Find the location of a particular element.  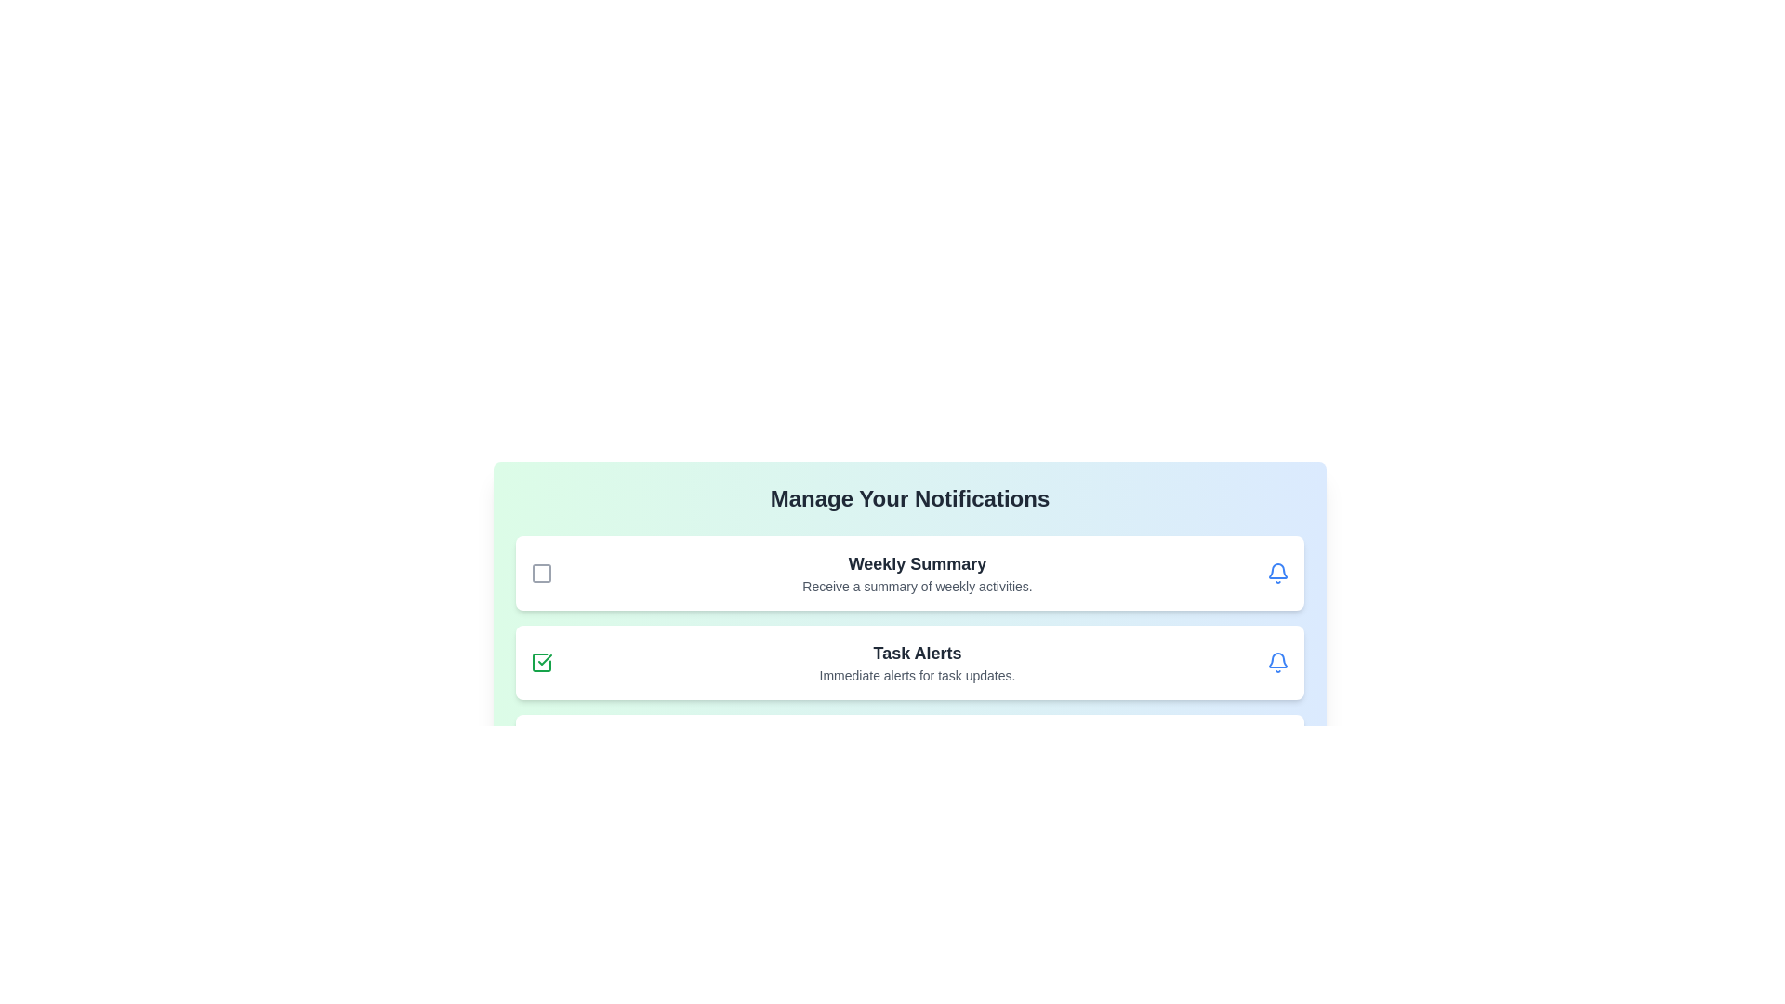

the square-shaped checkbox with a green border and checkmark icon next to the 'Task Alerts' text is located at coordinates (540, 662).